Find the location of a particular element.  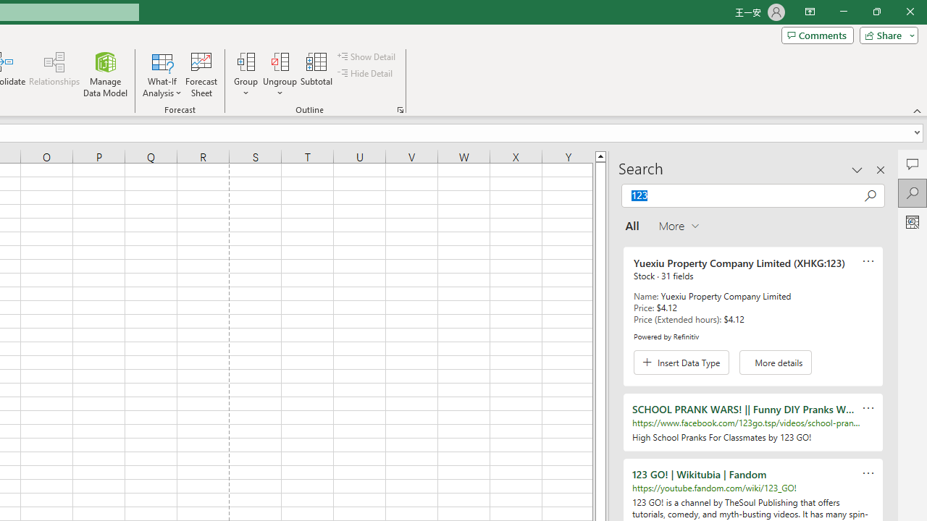

'Share' is located at coordinates (885, 34).